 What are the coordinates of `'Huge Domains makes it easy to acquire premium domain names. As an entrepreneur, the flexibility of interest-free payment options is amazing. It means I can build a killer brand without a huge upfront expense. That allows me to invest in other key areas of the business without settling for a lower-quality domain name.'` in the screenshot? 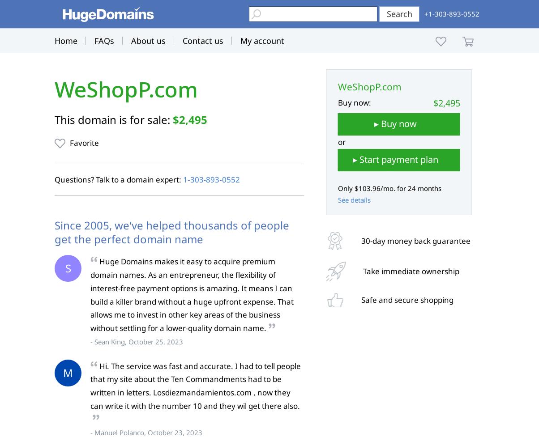 It's located at (192, 294).